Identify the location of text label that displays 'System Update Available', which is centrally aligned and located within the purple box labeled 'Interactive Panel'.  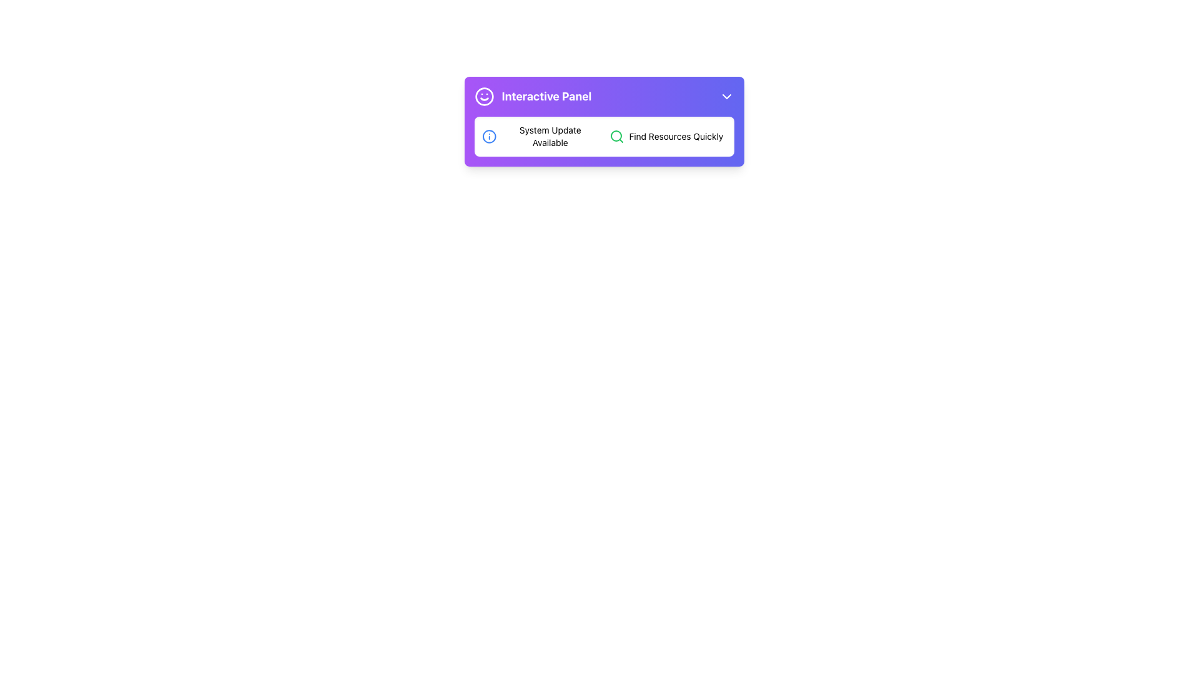
(550, 137).